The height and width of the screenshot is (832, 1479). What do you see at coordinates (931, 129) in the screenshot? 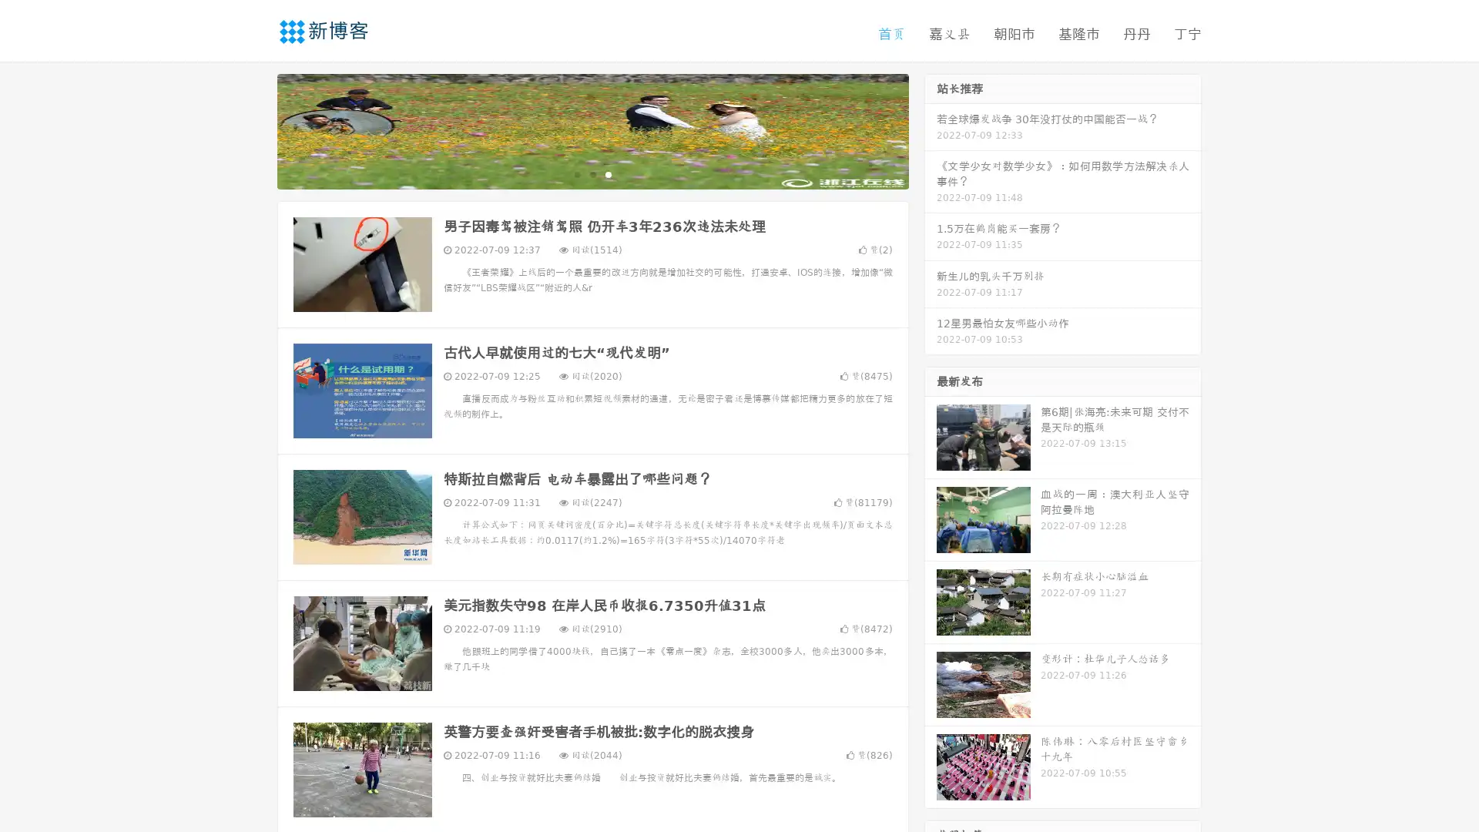
I see `Next slide` at bounding box center [931, 129].